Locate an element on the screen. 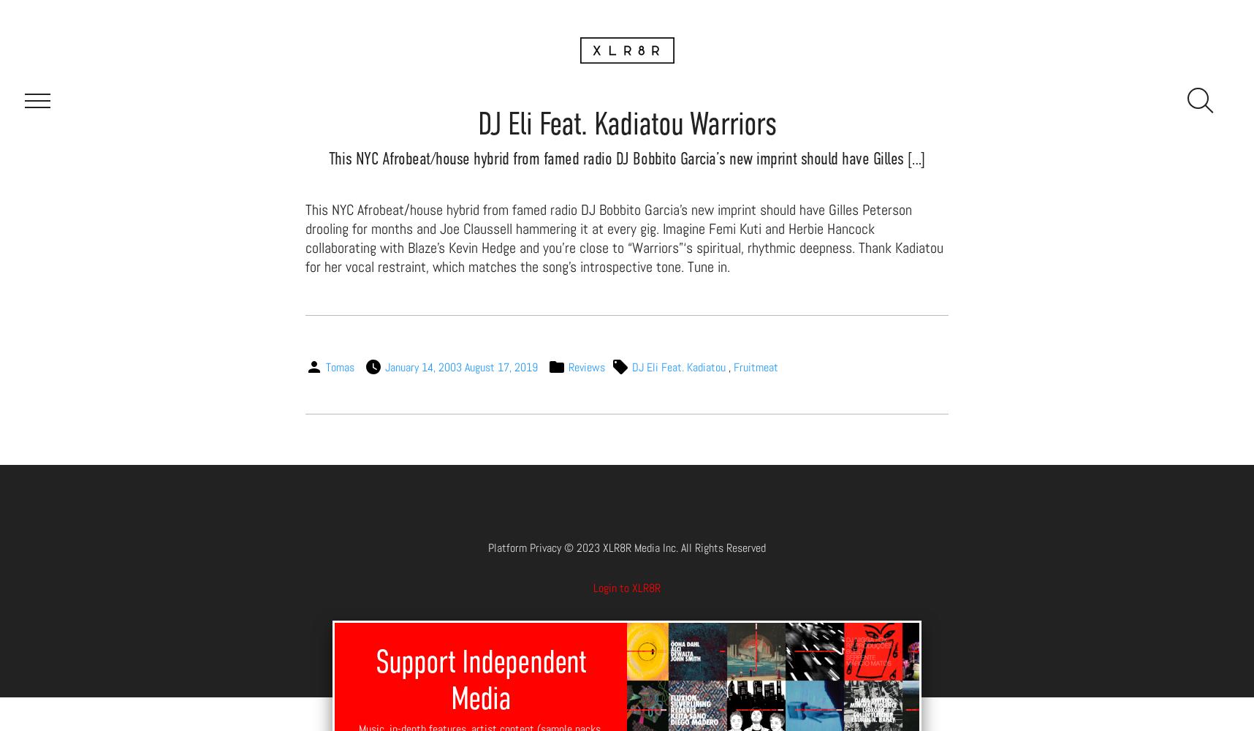  'Home' is located at coordinates (627, 52).